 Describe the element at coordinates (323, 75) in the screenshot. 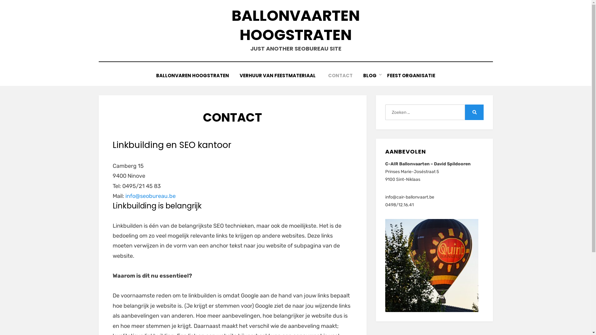

I see `'CONTACT'` at that location.